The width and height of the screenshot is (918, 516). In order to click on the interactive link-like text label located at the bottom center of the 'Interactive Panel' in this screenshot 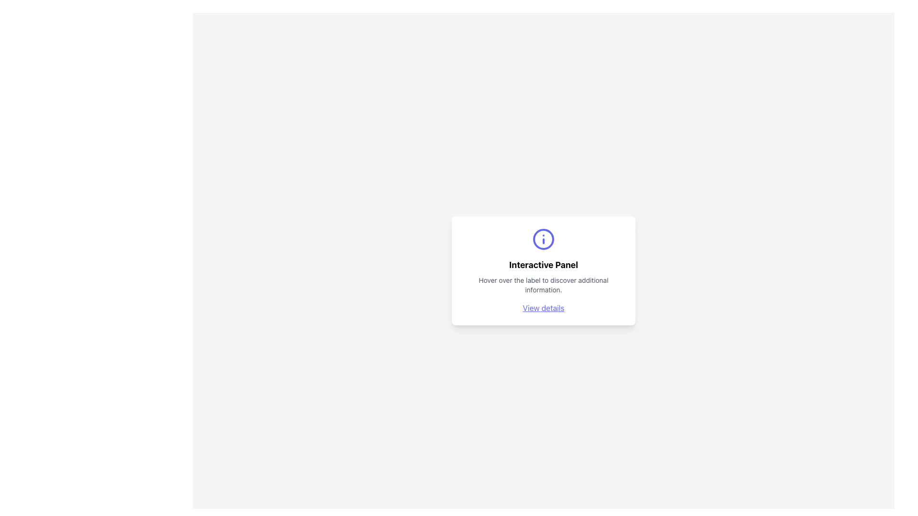, I will do `click(544, 308)`.